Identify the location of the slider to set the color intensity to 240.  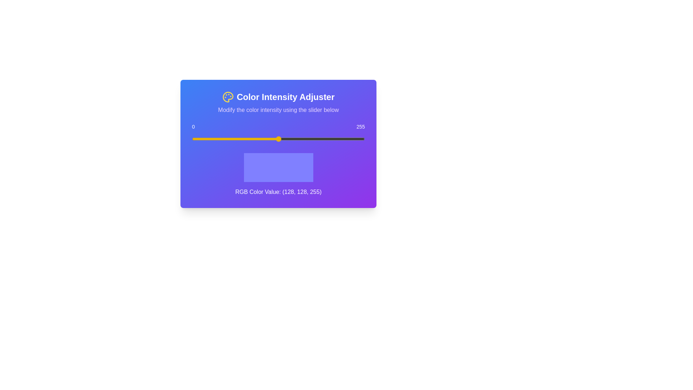
(354, 139).